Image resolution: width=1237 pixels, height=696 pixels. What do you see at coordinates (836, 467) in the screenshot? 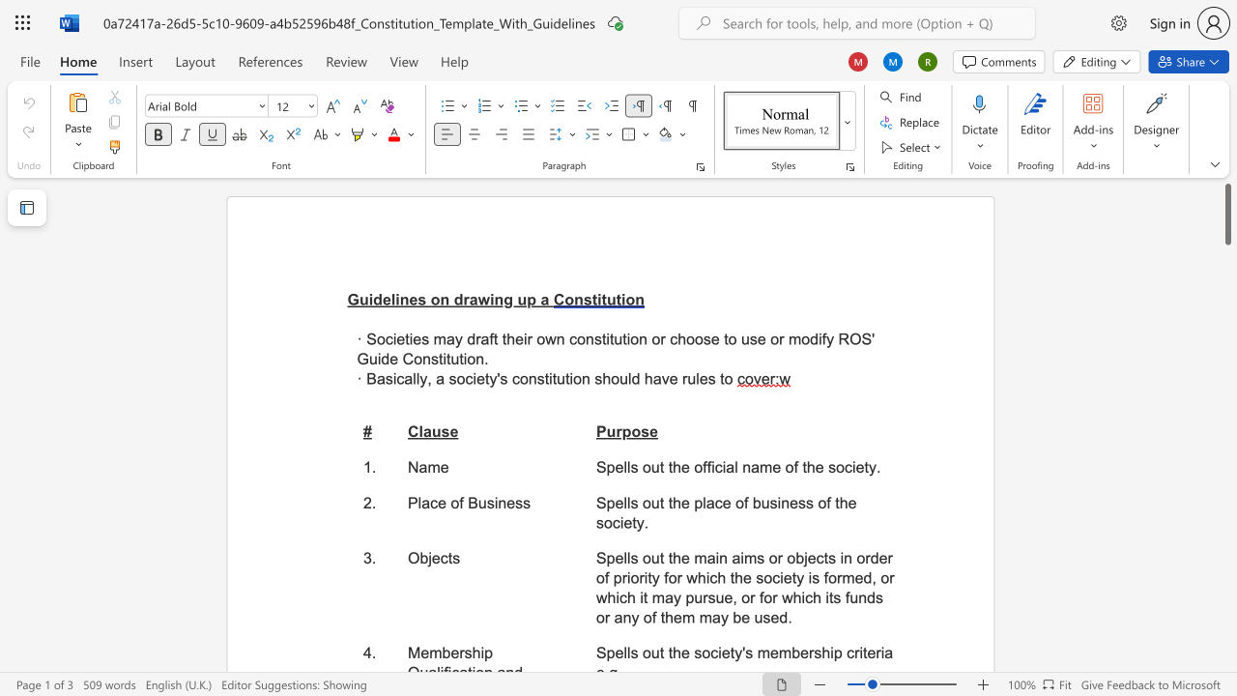
I see `the space between the continuous character "s" and "o" in the text` at bounding box center [836, 467].